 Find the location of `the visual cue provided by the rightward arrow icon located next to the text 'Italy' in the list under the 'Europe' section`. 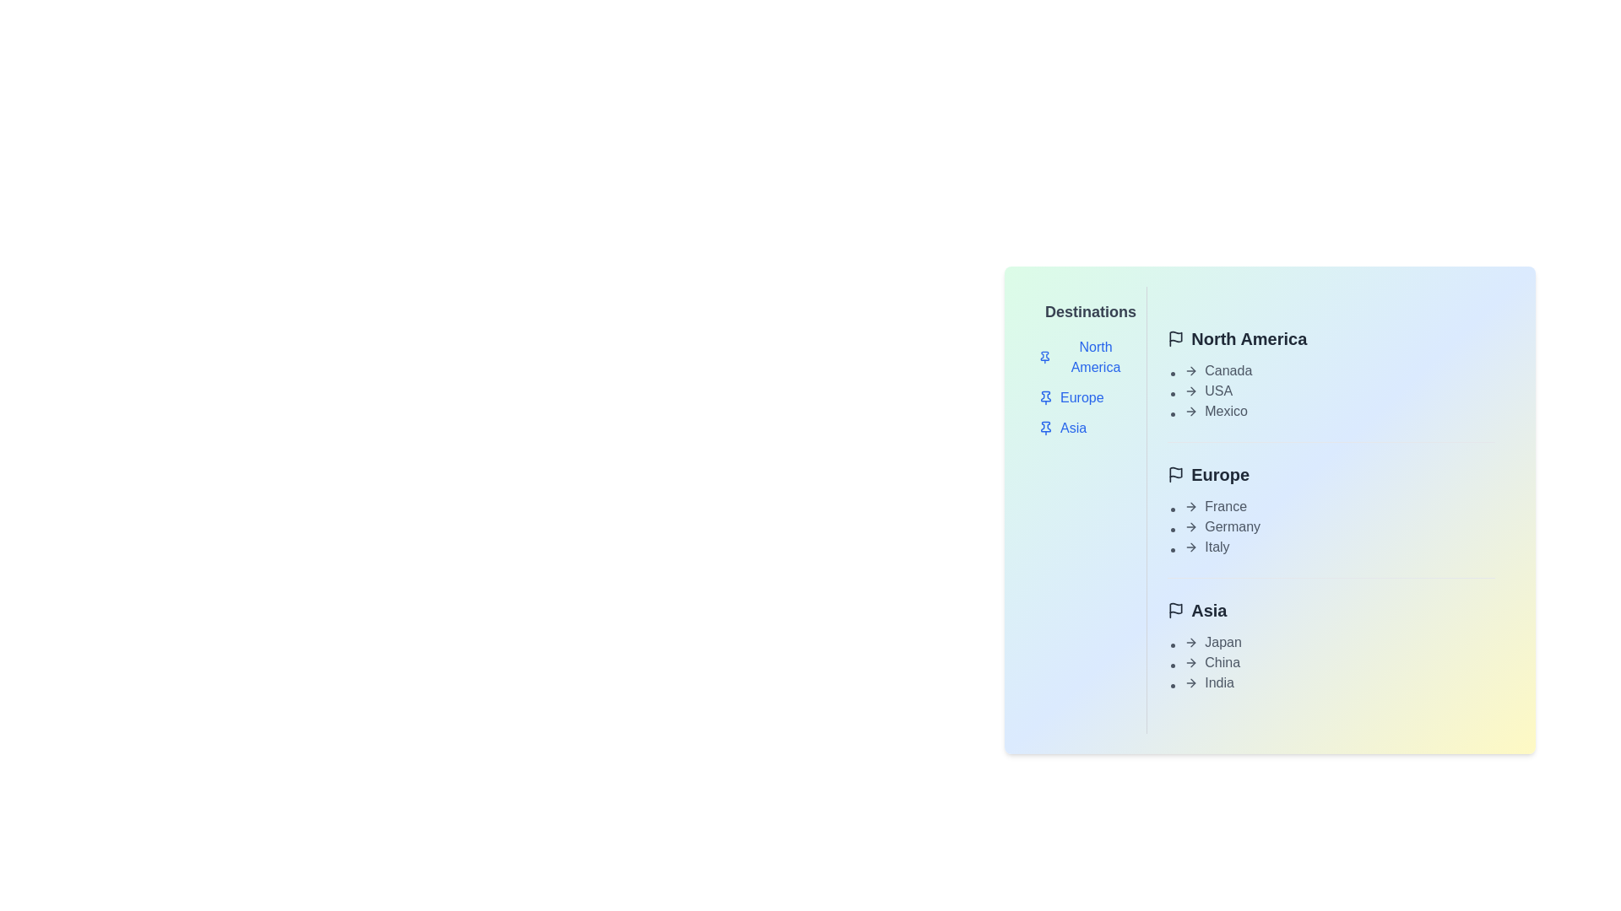

the visual cue provided by the rightward arrow icon located next to the text 'Italy' in the list under the 'Europe' section is located at coordinates (1190, 547).